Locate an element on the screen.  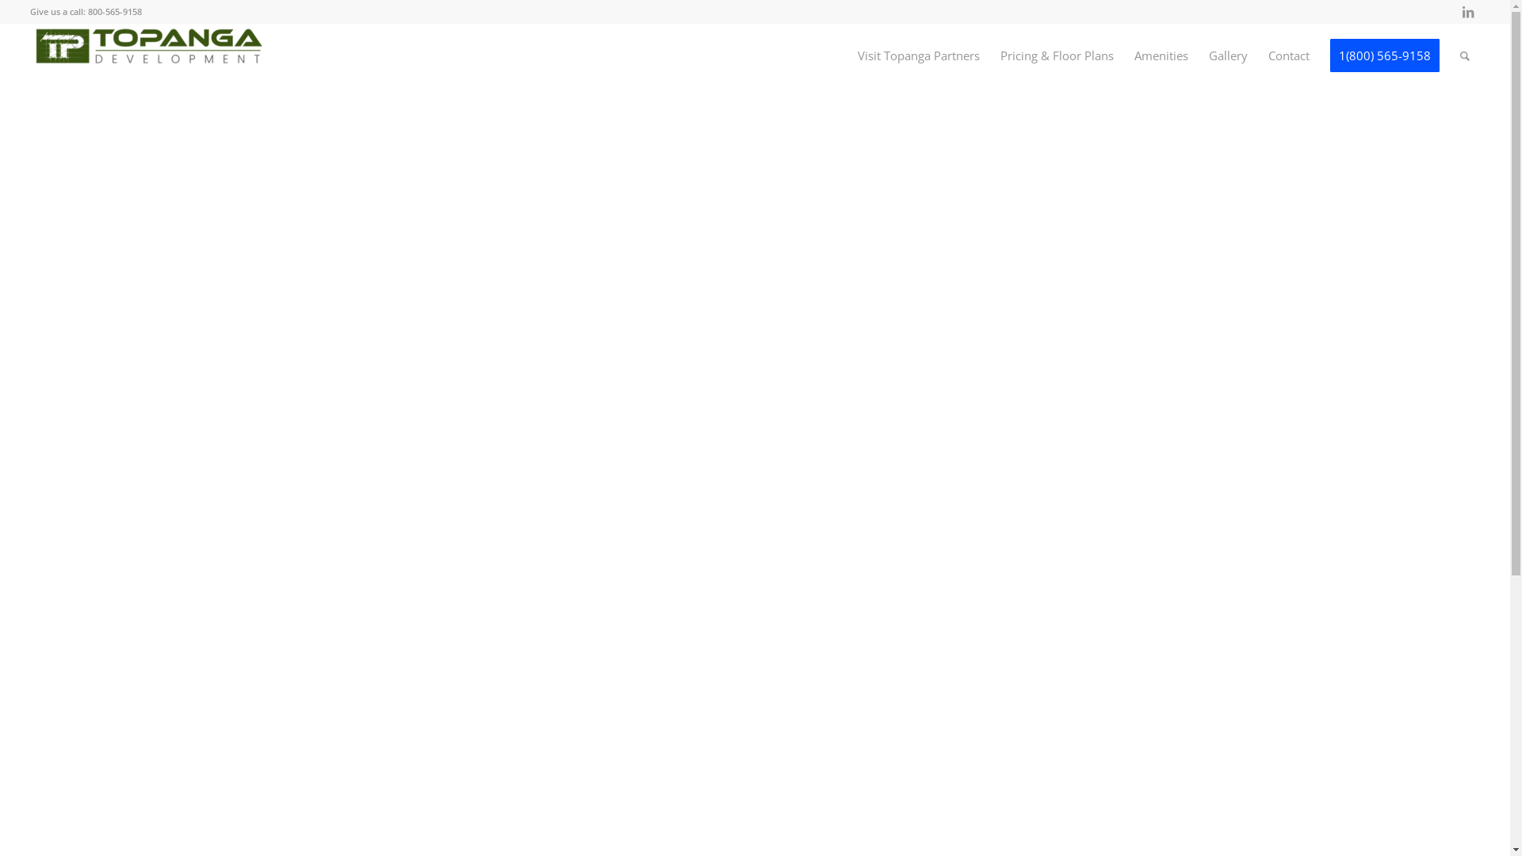
'LinkedIn' is located at coordinates (1456, 12).